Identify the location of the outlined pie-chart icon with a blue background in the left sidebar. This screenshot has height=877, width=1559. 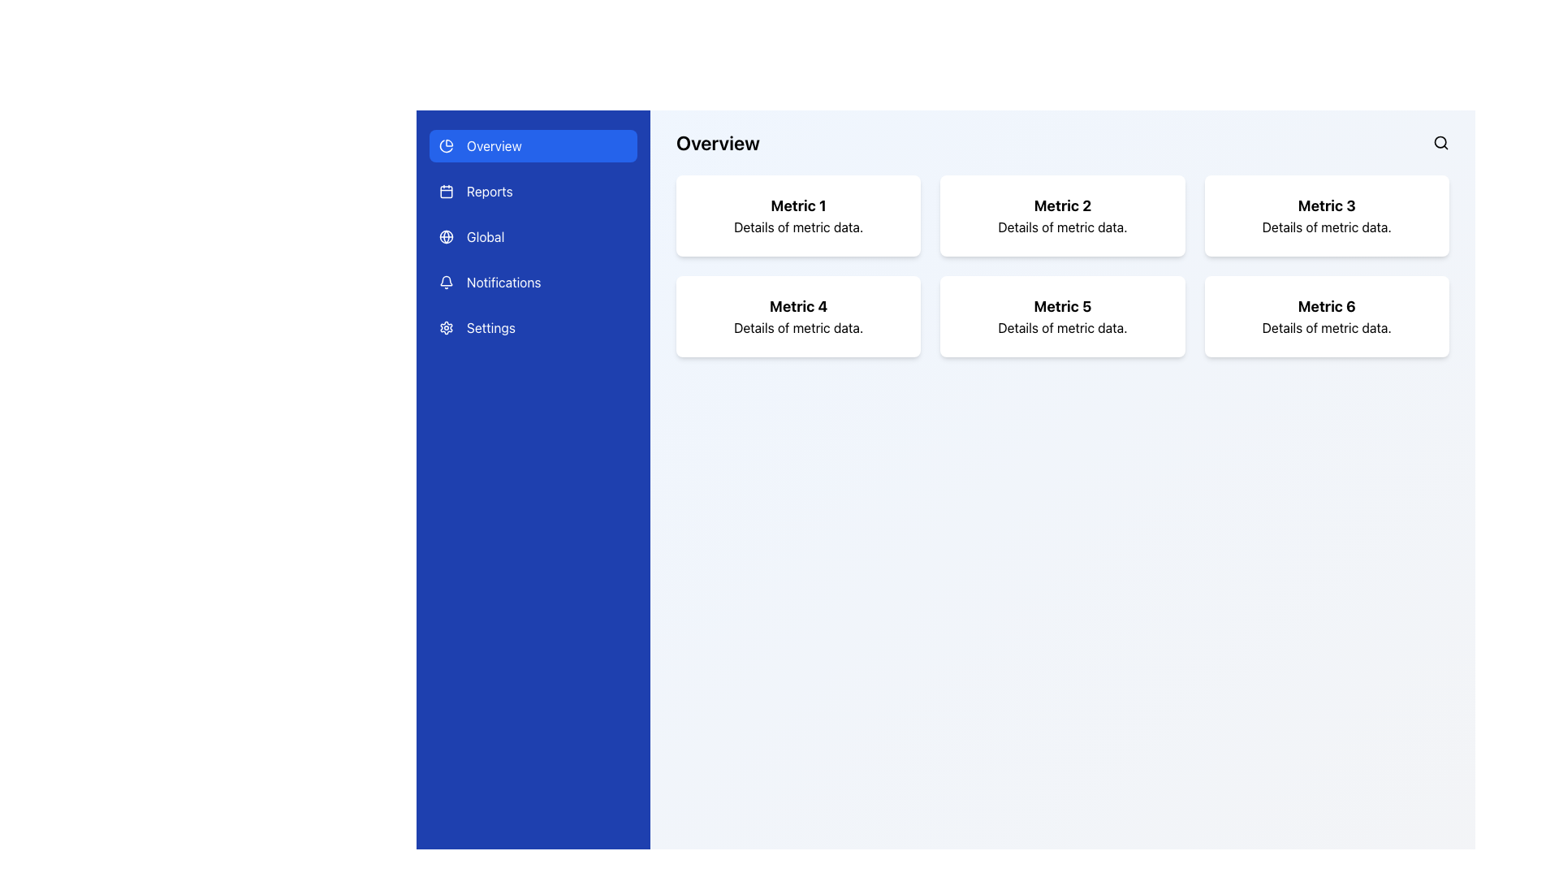
(447, 146).